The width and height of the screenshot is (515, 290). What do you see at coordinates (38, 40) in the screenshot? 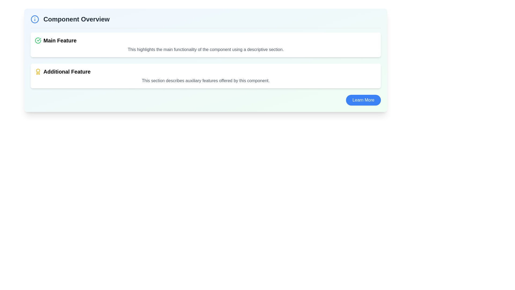
I see `the status icon located to the left of the 'Main Feature' heading, which indicates the feature's status as completed or enabled` at bounding box center [38, 40].